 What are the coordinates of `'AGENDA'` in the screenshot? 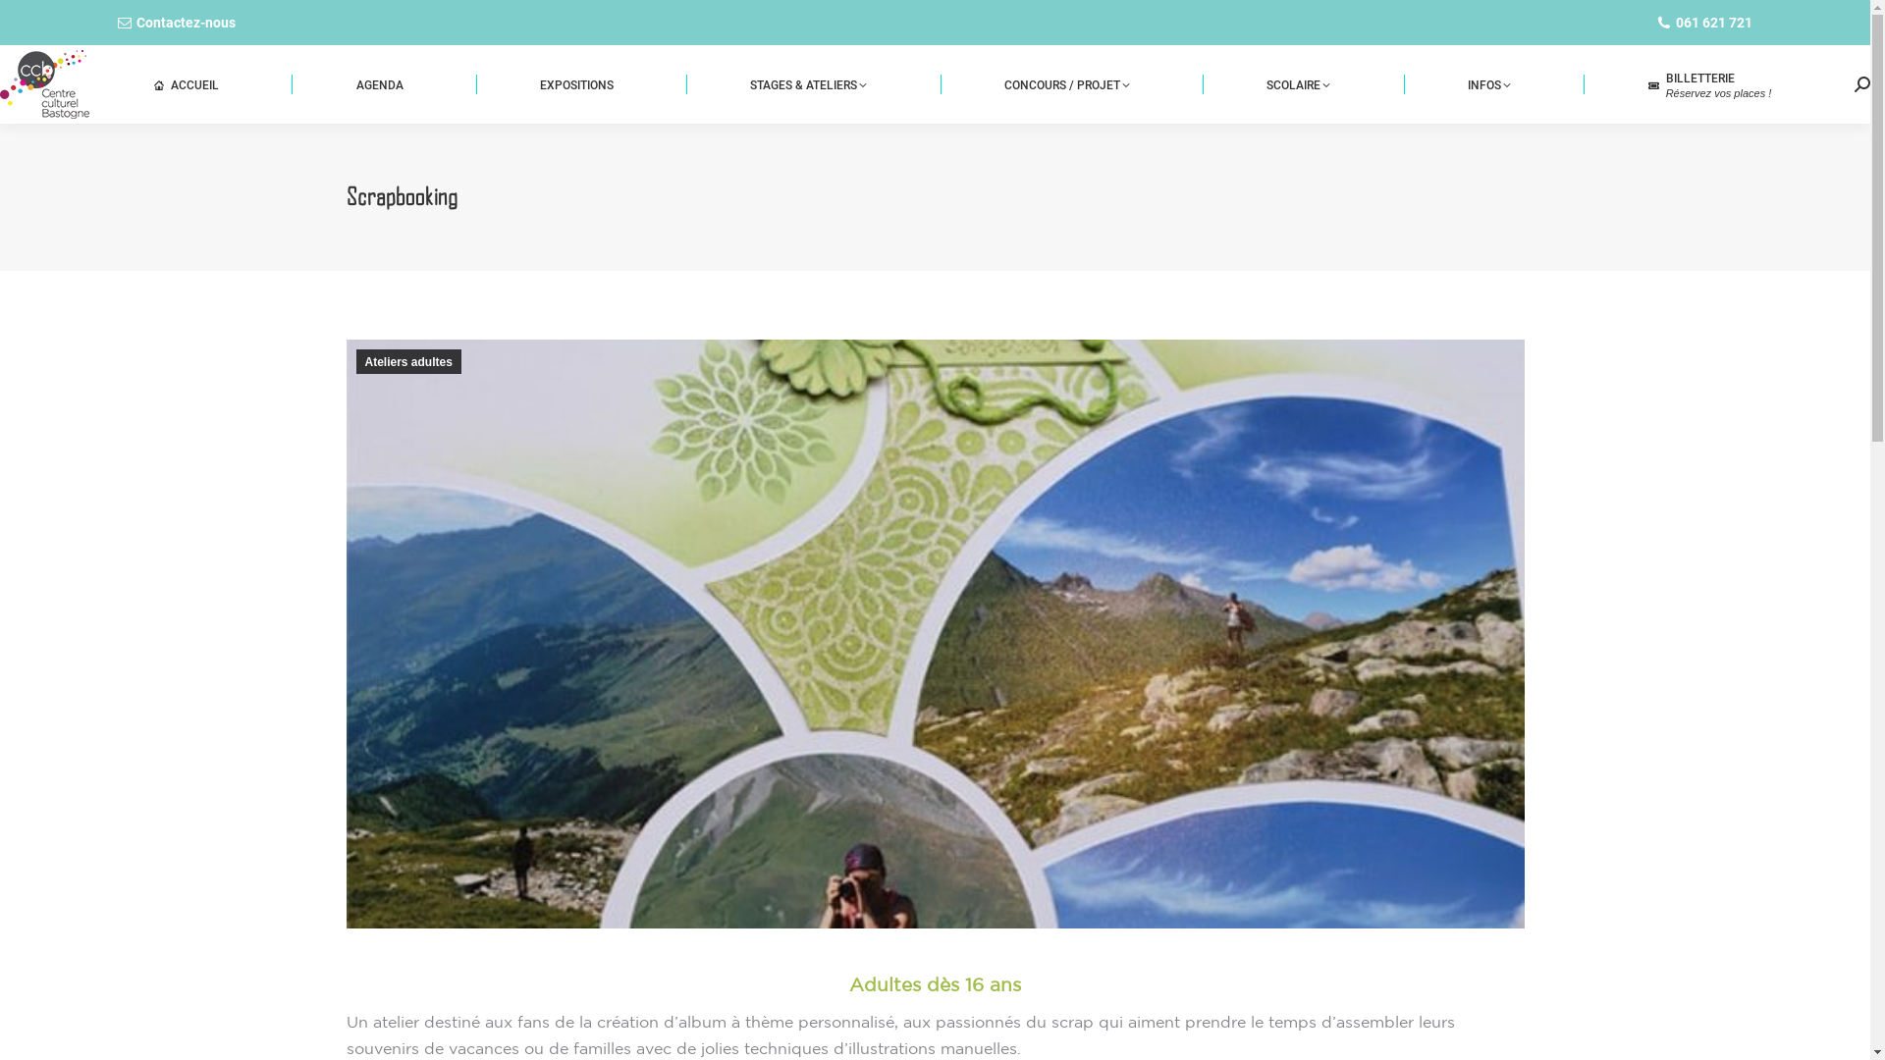 It's located at (379, 82).